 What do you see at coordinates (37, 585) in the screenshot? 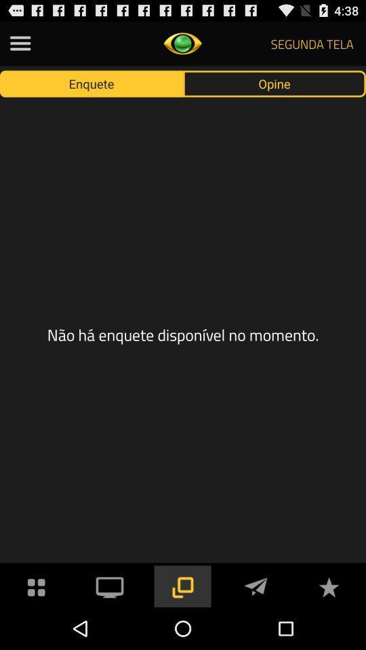
I see `settings/options` at bounding box center [37, 585].